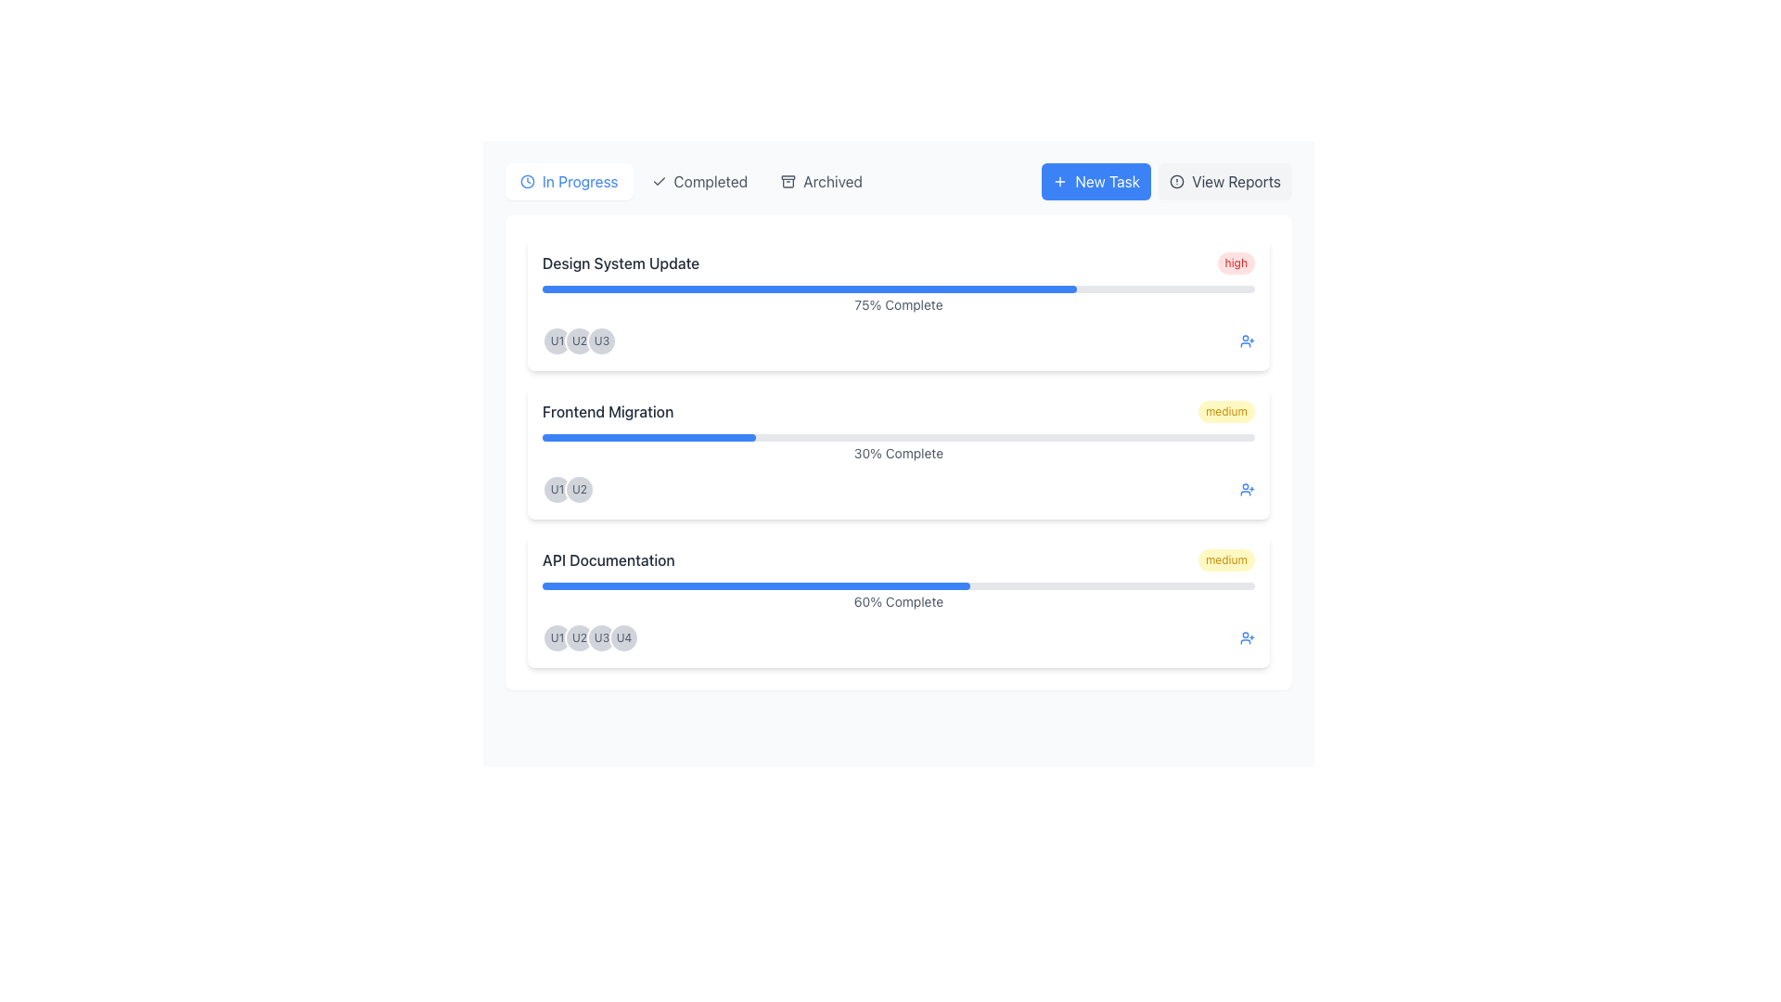  What do you see at coordinates (899, 302) in the screenshot?
I see `the first card in the vertical stack that provides information about a specific task or project, including its name, priority, completion percentage, and associated users` at bounding box center [899, 302].